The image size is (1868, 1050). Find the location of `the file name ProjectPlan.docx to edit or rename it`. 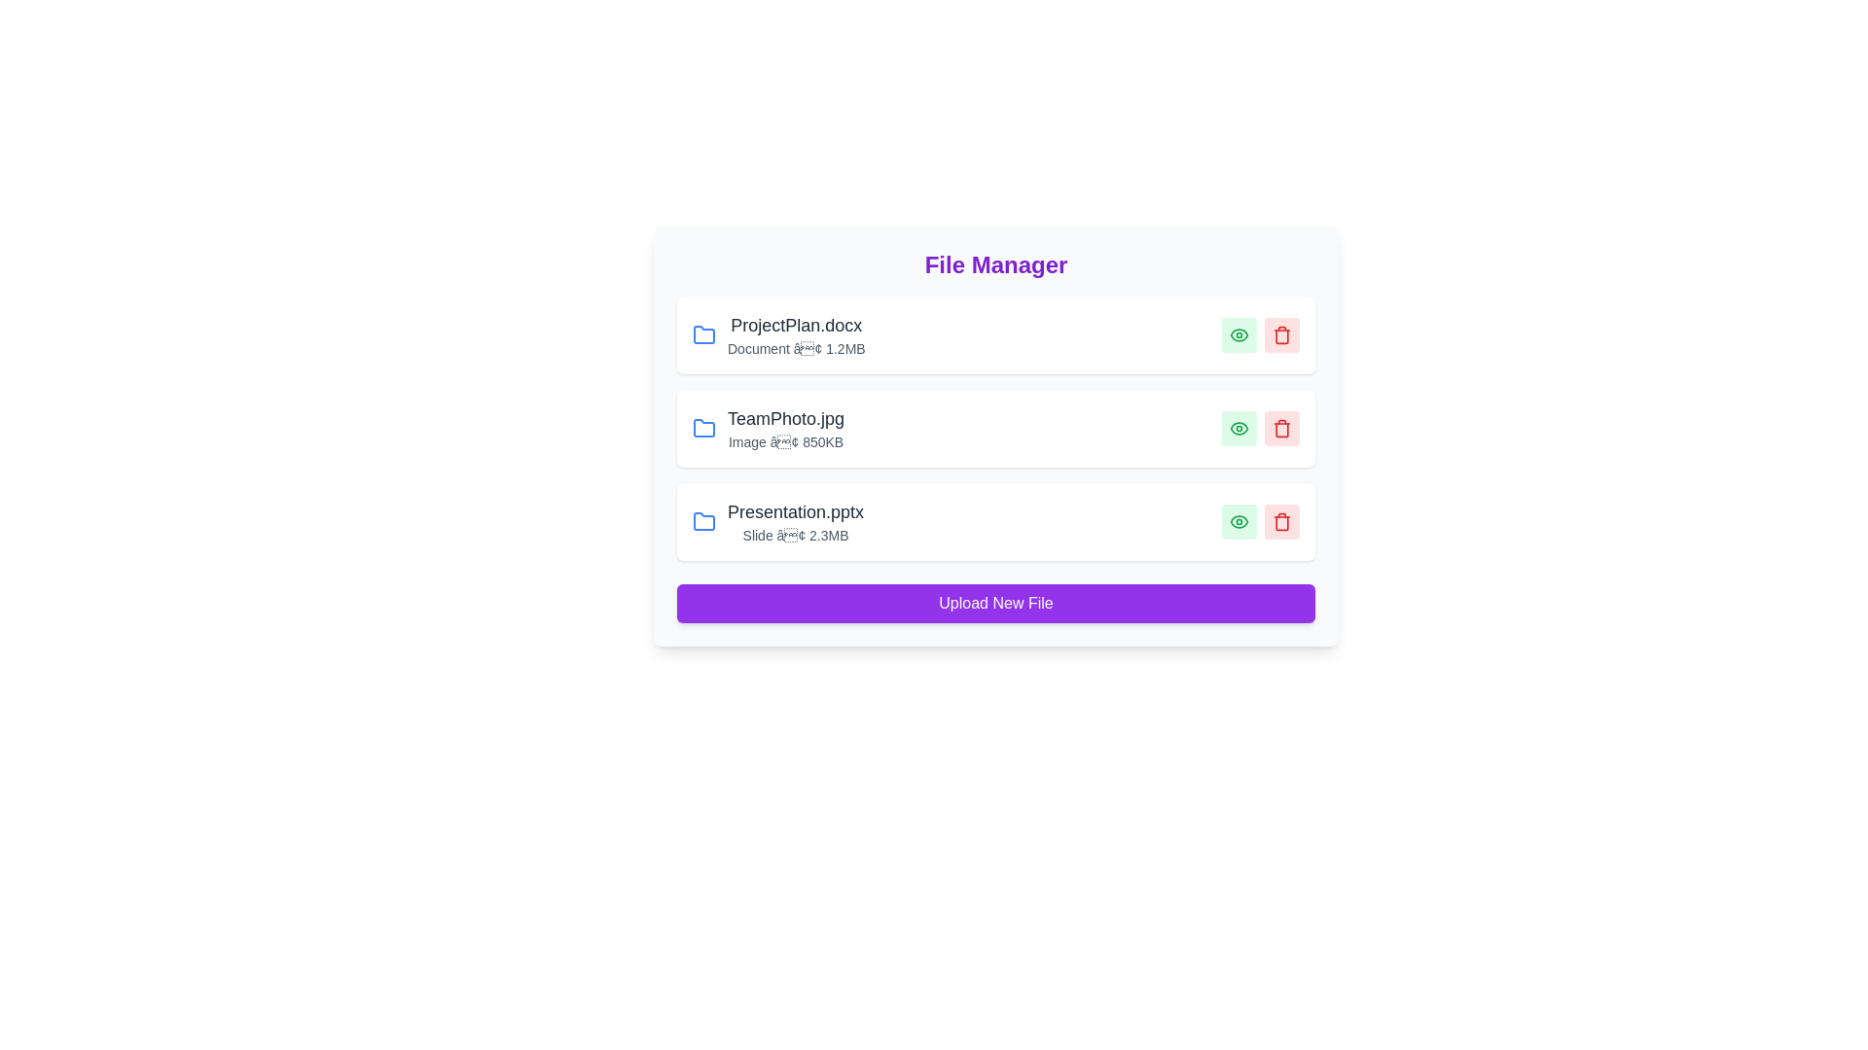

the file name ProjectPlan.docx to edit or rename it is located at coordinates (796, 325).